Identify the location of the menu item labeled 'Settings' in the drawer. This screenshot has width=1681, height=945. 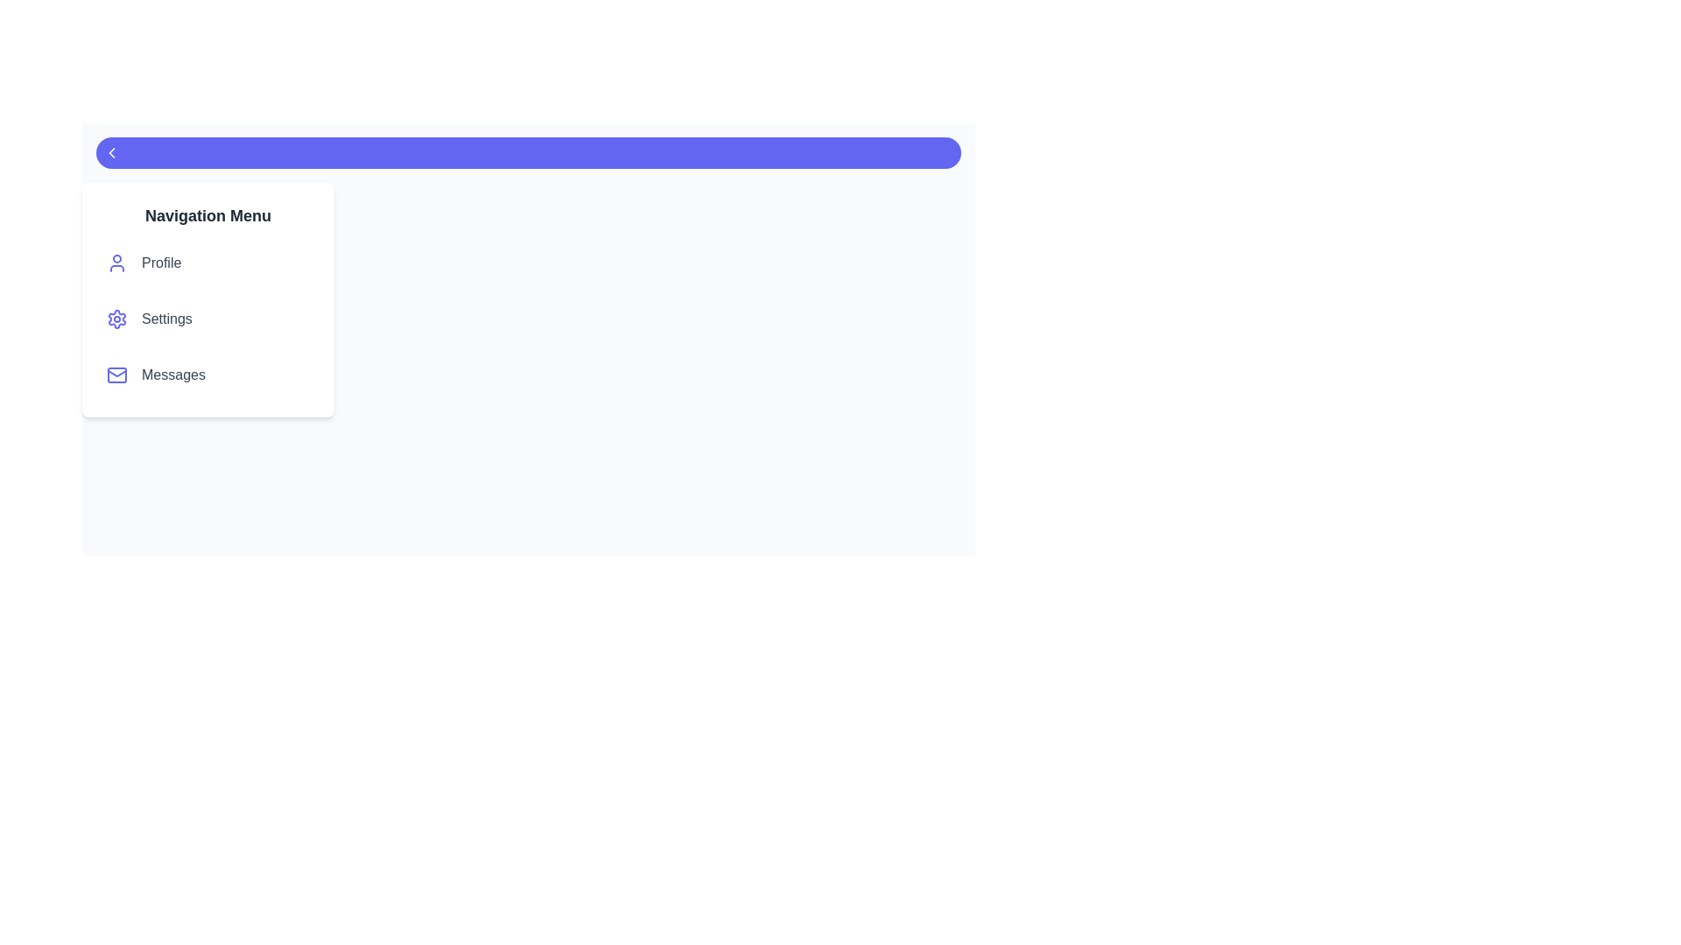
(208, 319).